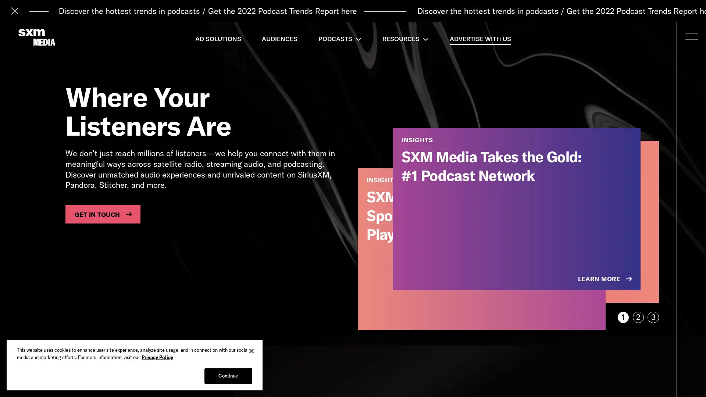 The width and height of the screenshot is (706, 397). Describe the element at coordinates (638, 317) in the screenshot. I see `2` at that location.